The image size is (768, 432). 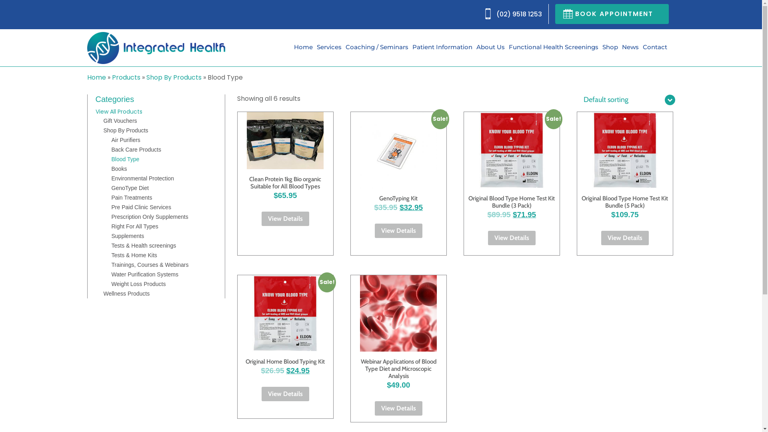 What do you see at coordinates (629, 47) in the screenshot?
I see `'News'` at bounding box center [629, 47].